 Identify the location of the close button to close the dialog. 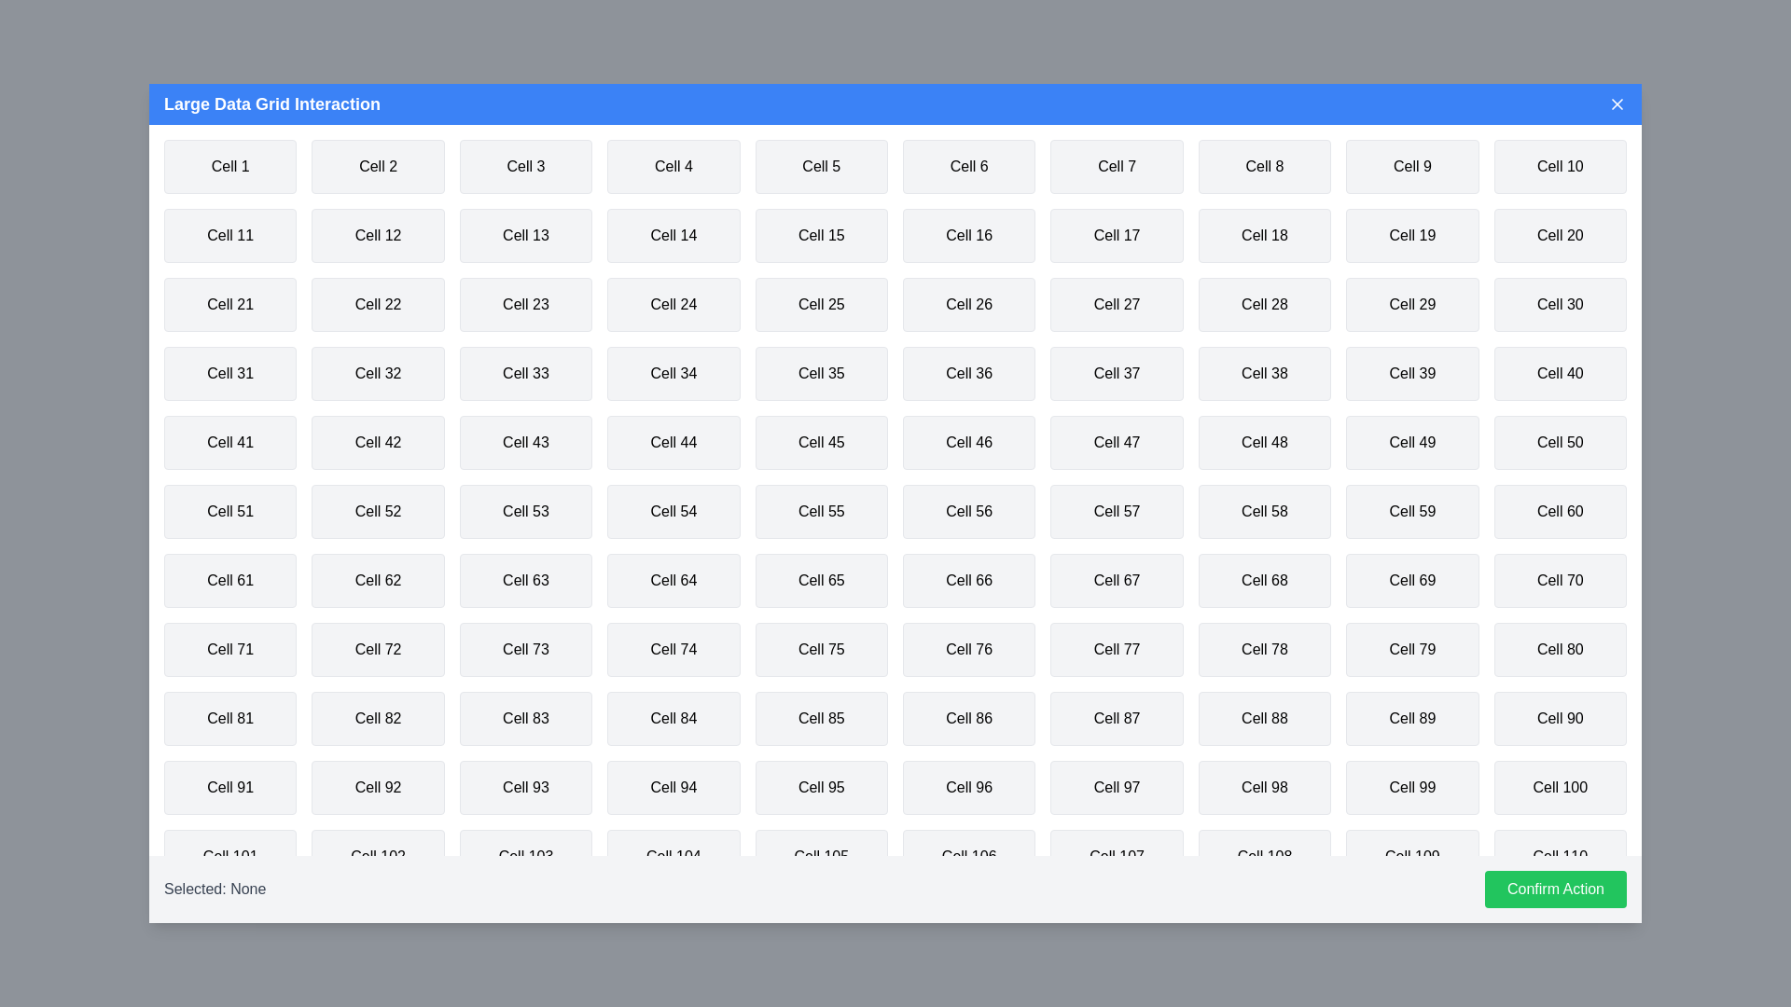
(1616, 103).